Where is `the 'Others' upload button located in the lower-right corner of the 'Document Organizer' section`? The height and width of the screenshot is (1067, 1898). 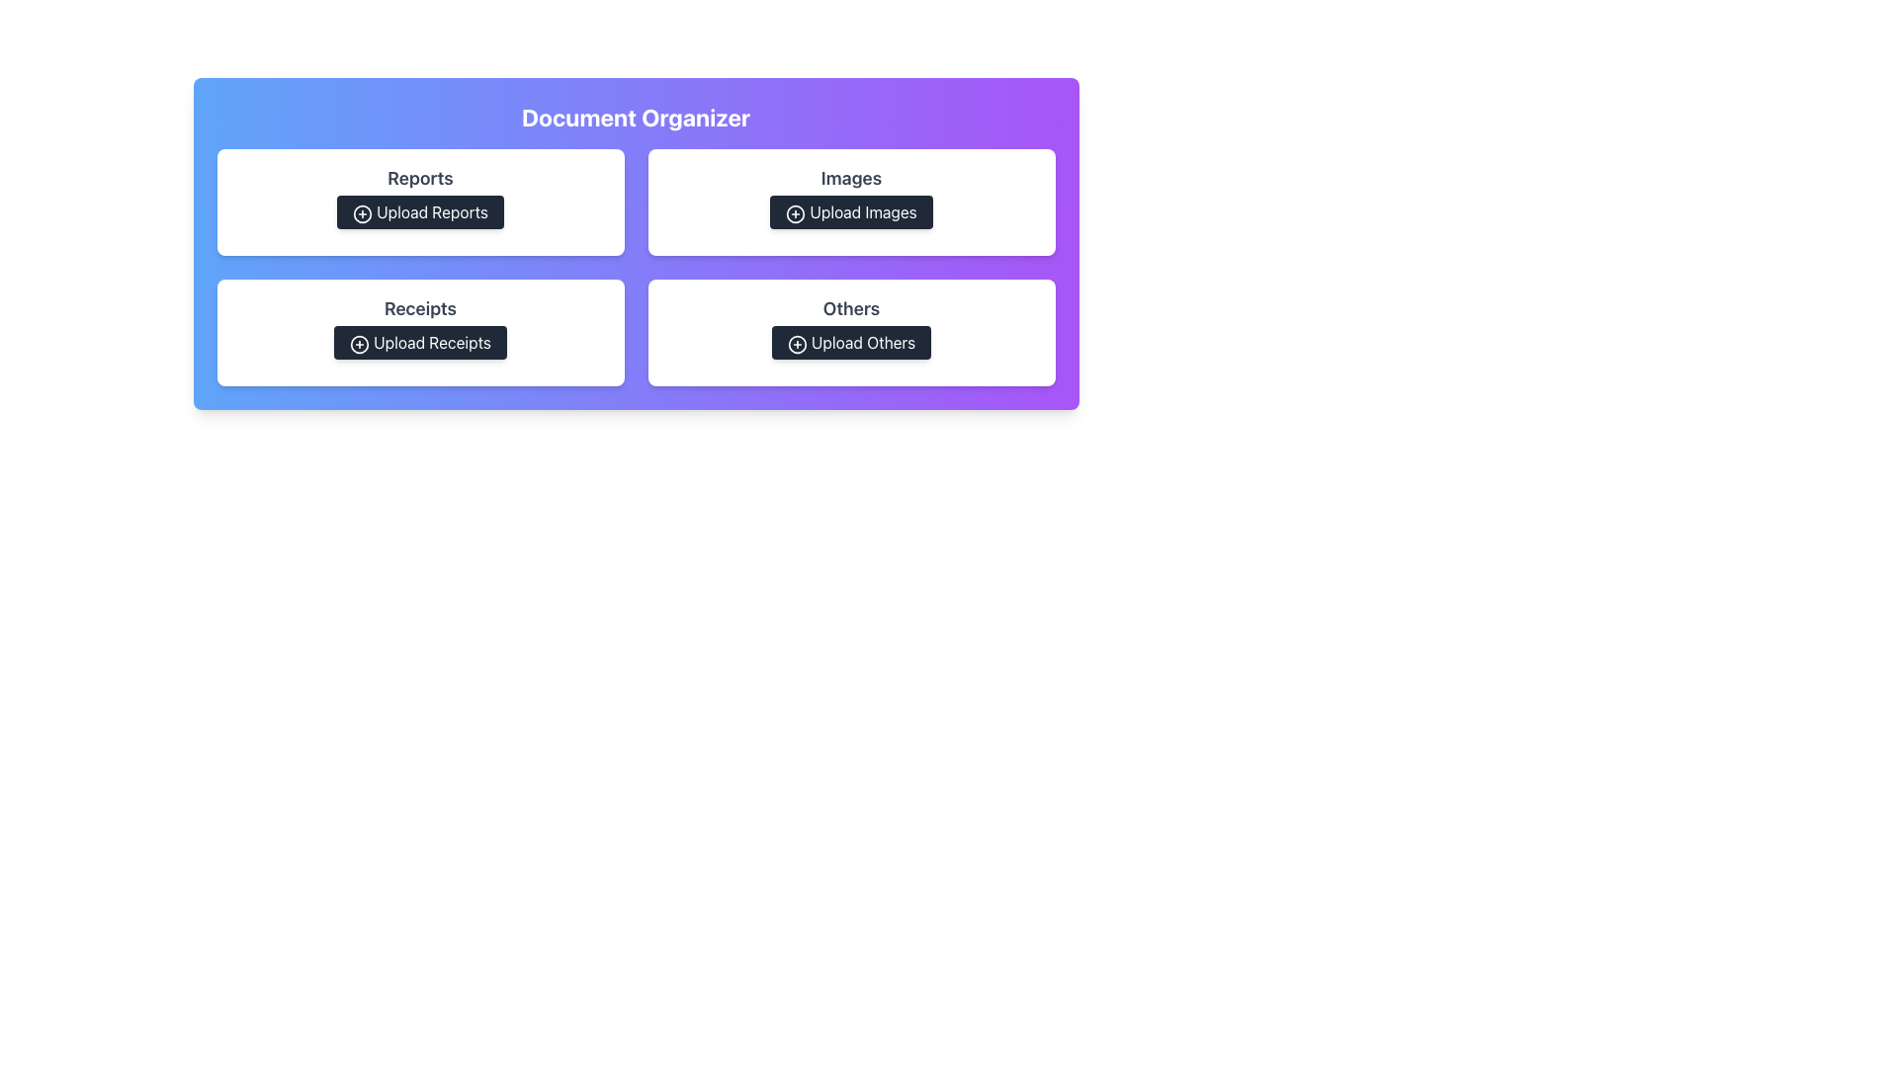 the 'Others' upload button located in the lower-right corner of the 'Document Organizer' section is located at coordinates (851, 342).